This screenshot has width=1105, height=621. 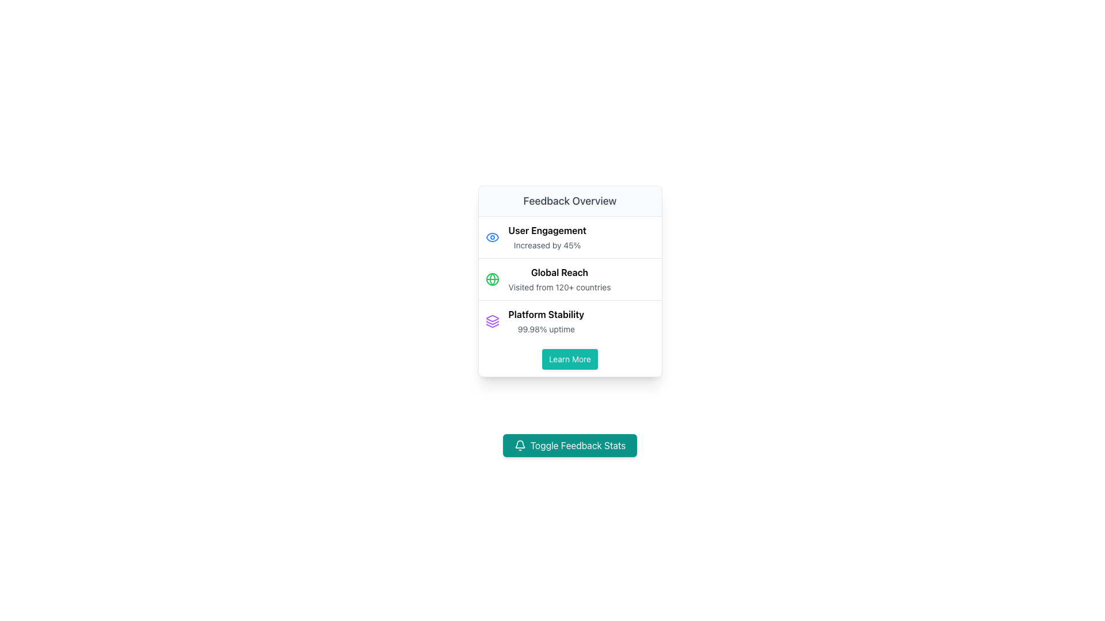 I want to click on the Text Label 'Platform Stability' located in the 'Feedback Overview' card, which is the third row element aligned to the left above '99.98% uptime', so click(x=546, y=315).